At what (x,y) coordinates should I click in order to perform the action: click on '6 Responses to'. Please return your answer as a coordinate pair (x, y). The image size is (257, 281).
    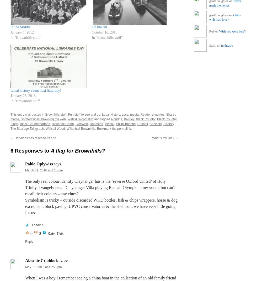
    Looking at the image, I should click on (10, 150).